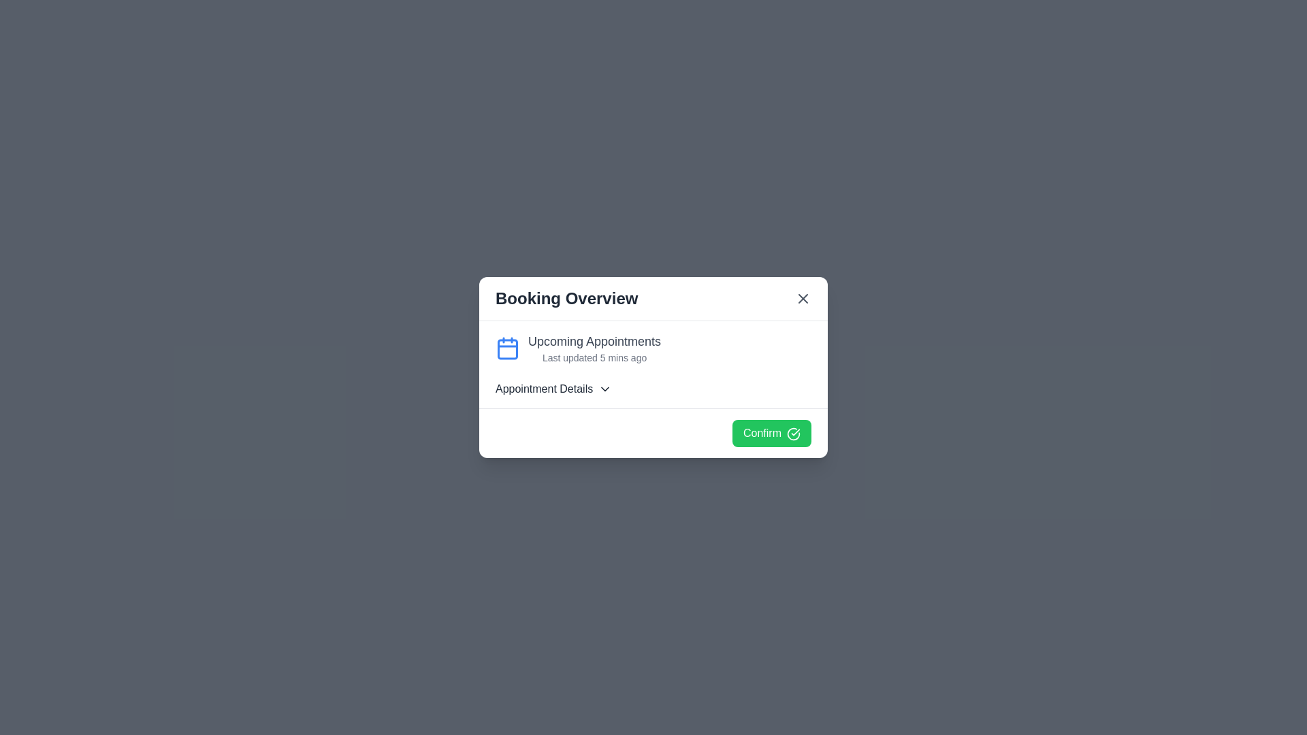 The height and width of the screenshot is (735, 1307). Describe the element at coordinates (803, 298) in the screenshot. I see `the 'X' icon button located at the top-right corner of the 'Booking Overview' panel for visual feedback` at that location.